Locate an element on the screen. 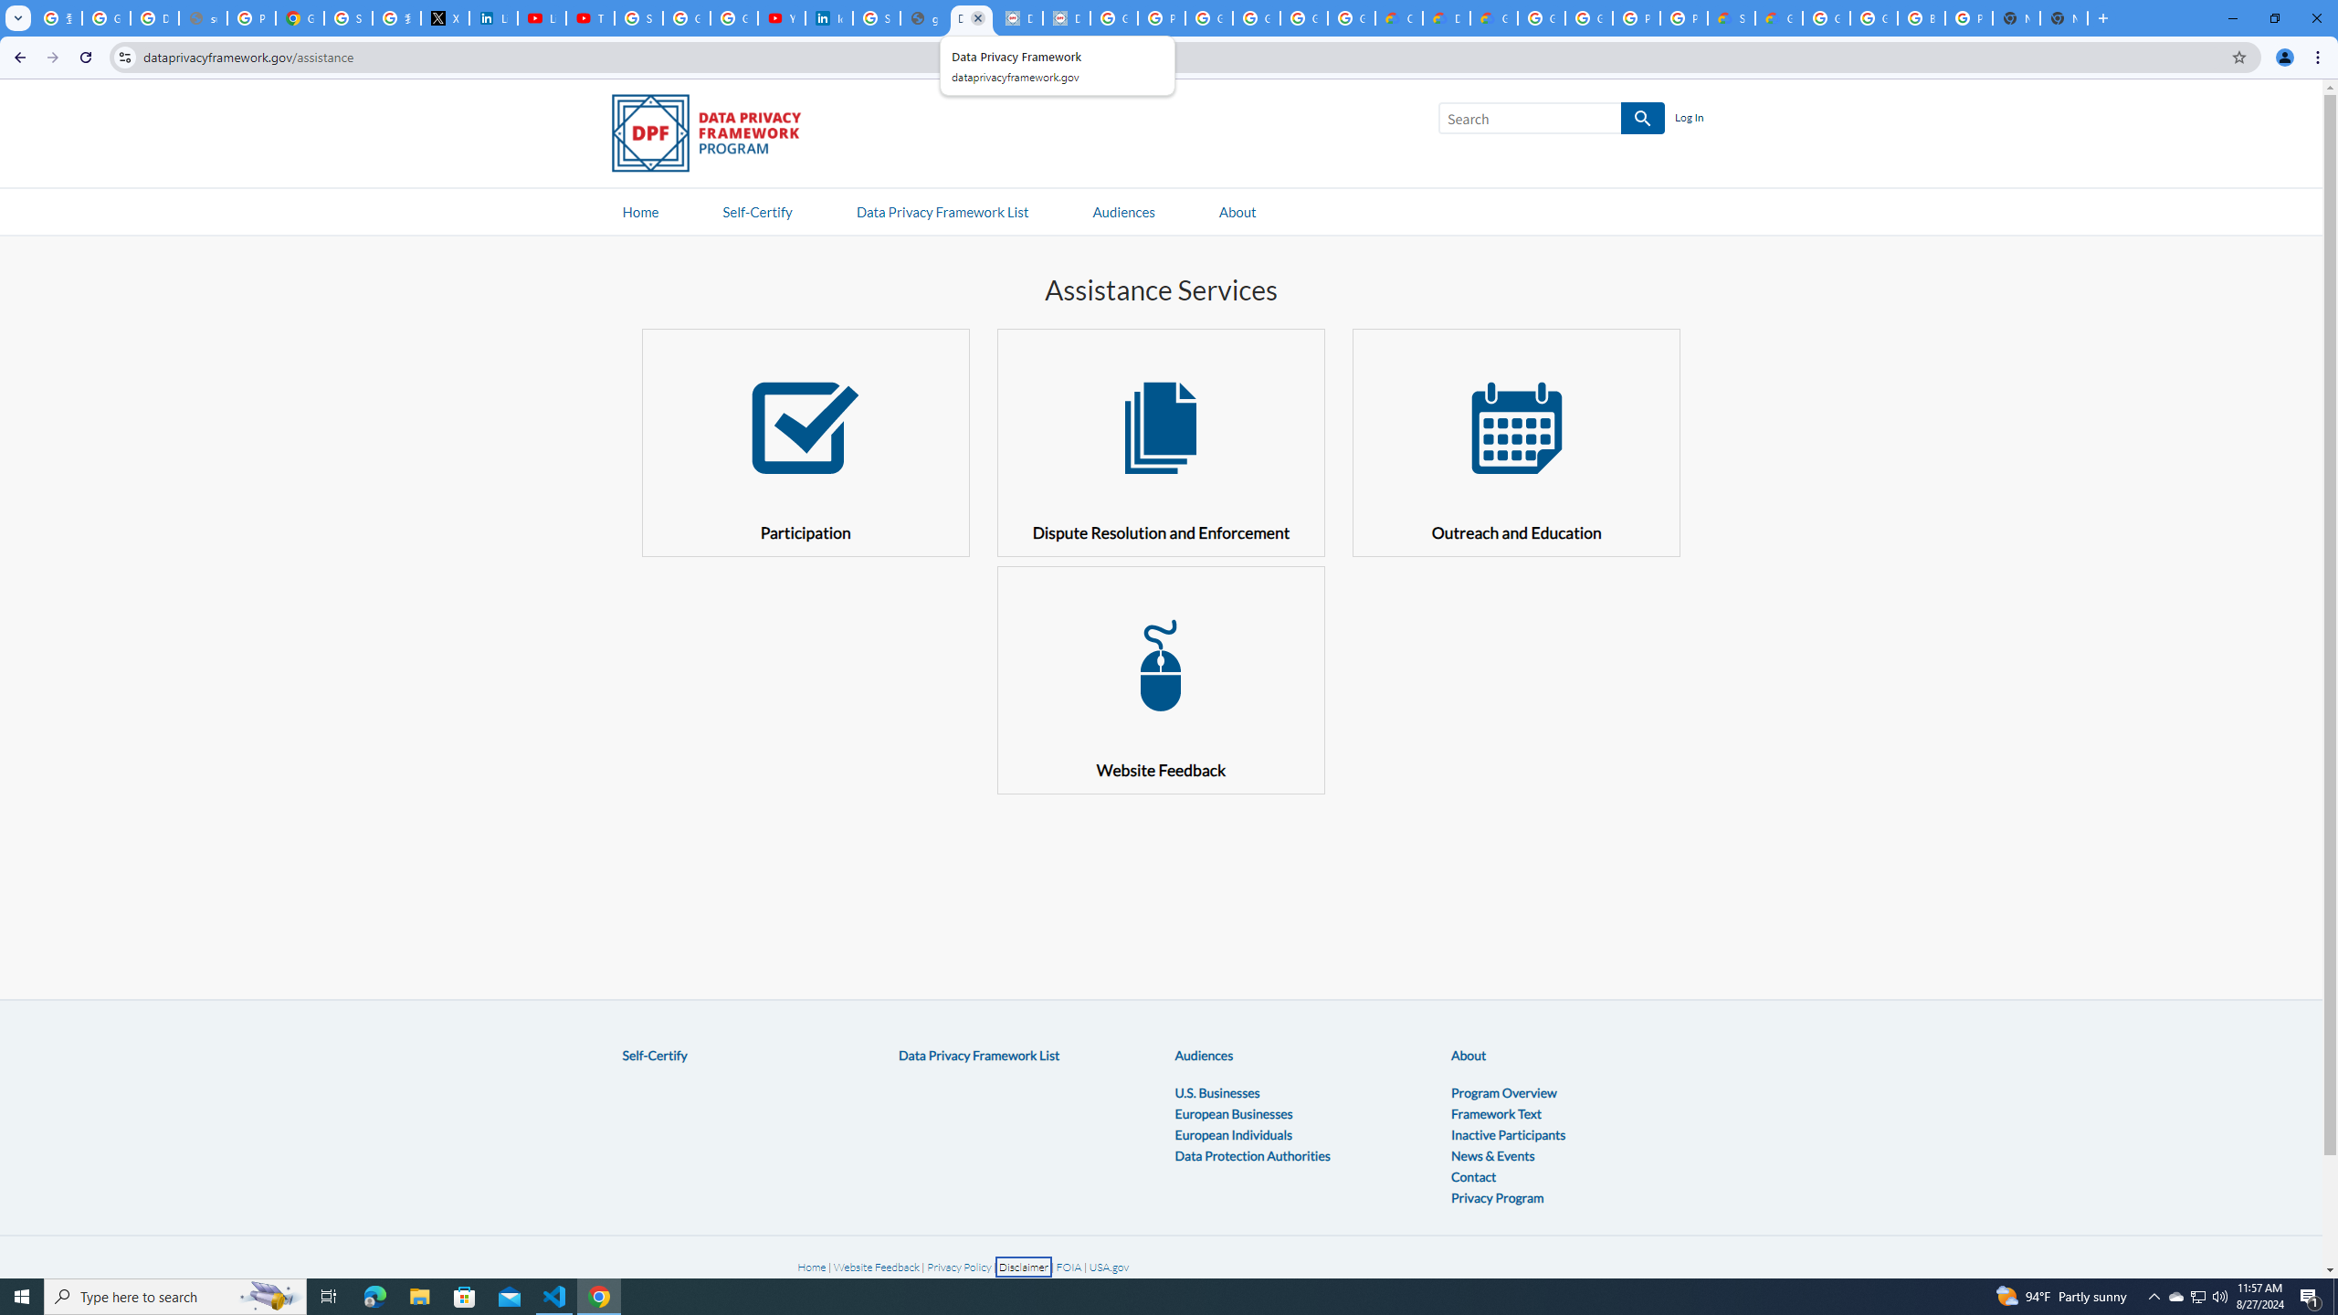  'LinkedIn - YouTube' is located at coordinates (541, 17).